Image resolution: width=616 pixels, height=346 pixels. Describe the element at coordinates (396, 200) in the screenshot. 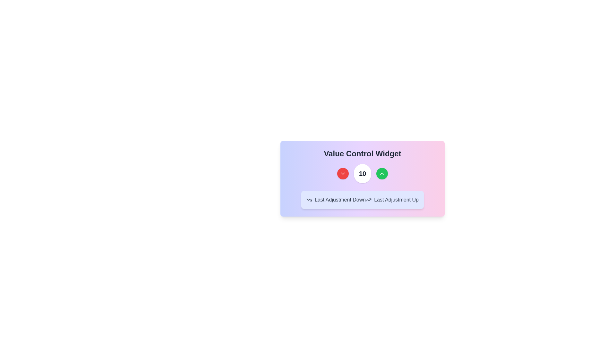

I see `the static text label indicating the last change in control, which shows an upward adjustment, positioned after the 'Last Adjustment Down' text and an upward arrow icon` at that location.